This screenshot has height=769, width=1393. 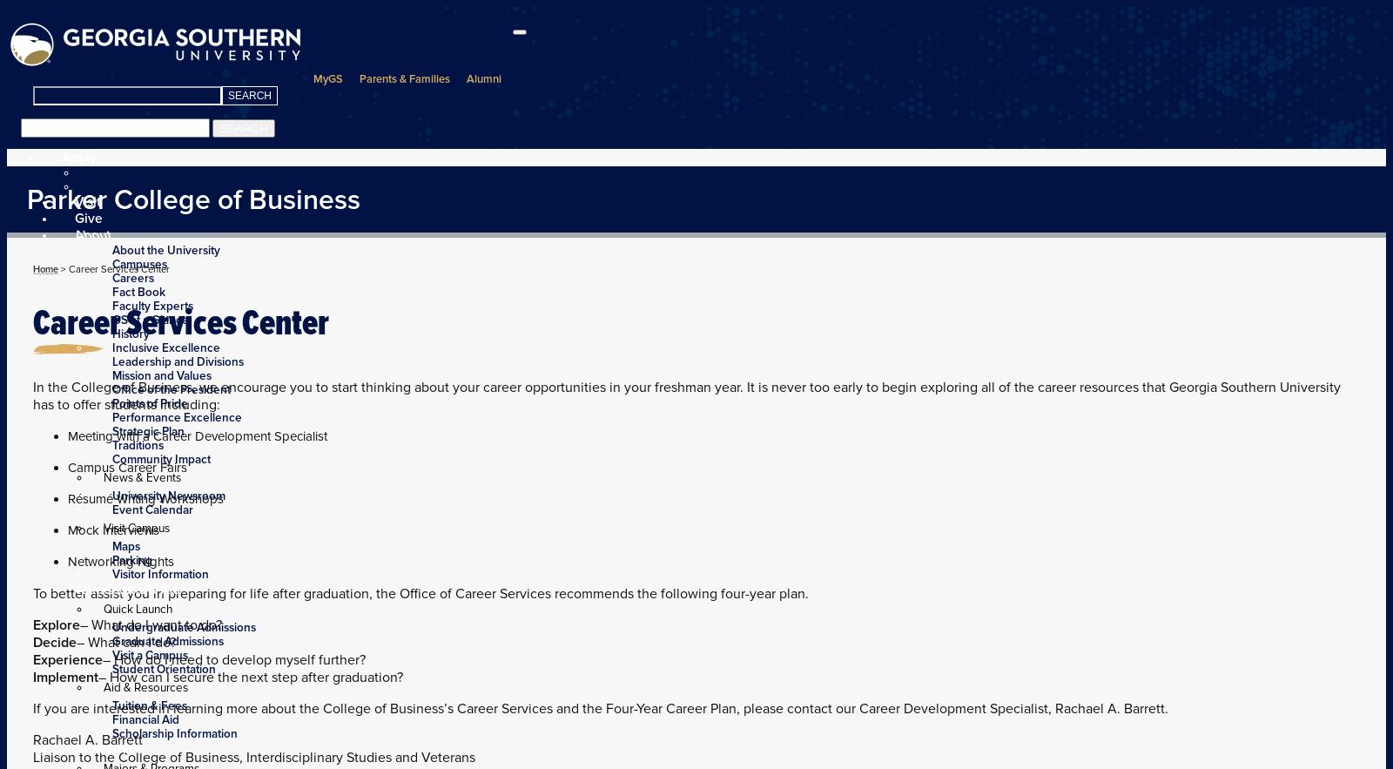 I want to click on 'Scholarship Information', so click(x=173, y=733).